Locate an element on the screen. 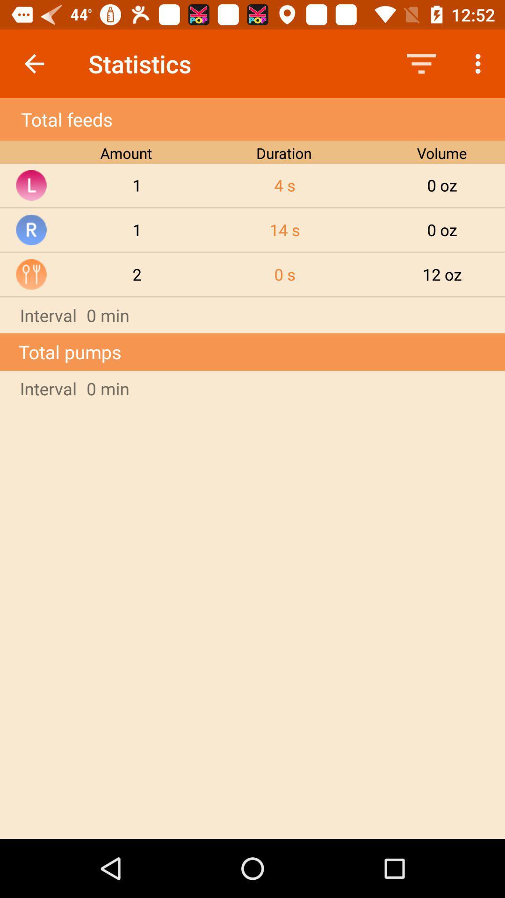 This screenshot has height=898, width=505. icon above 0 min is located at coordinates (442, 274).